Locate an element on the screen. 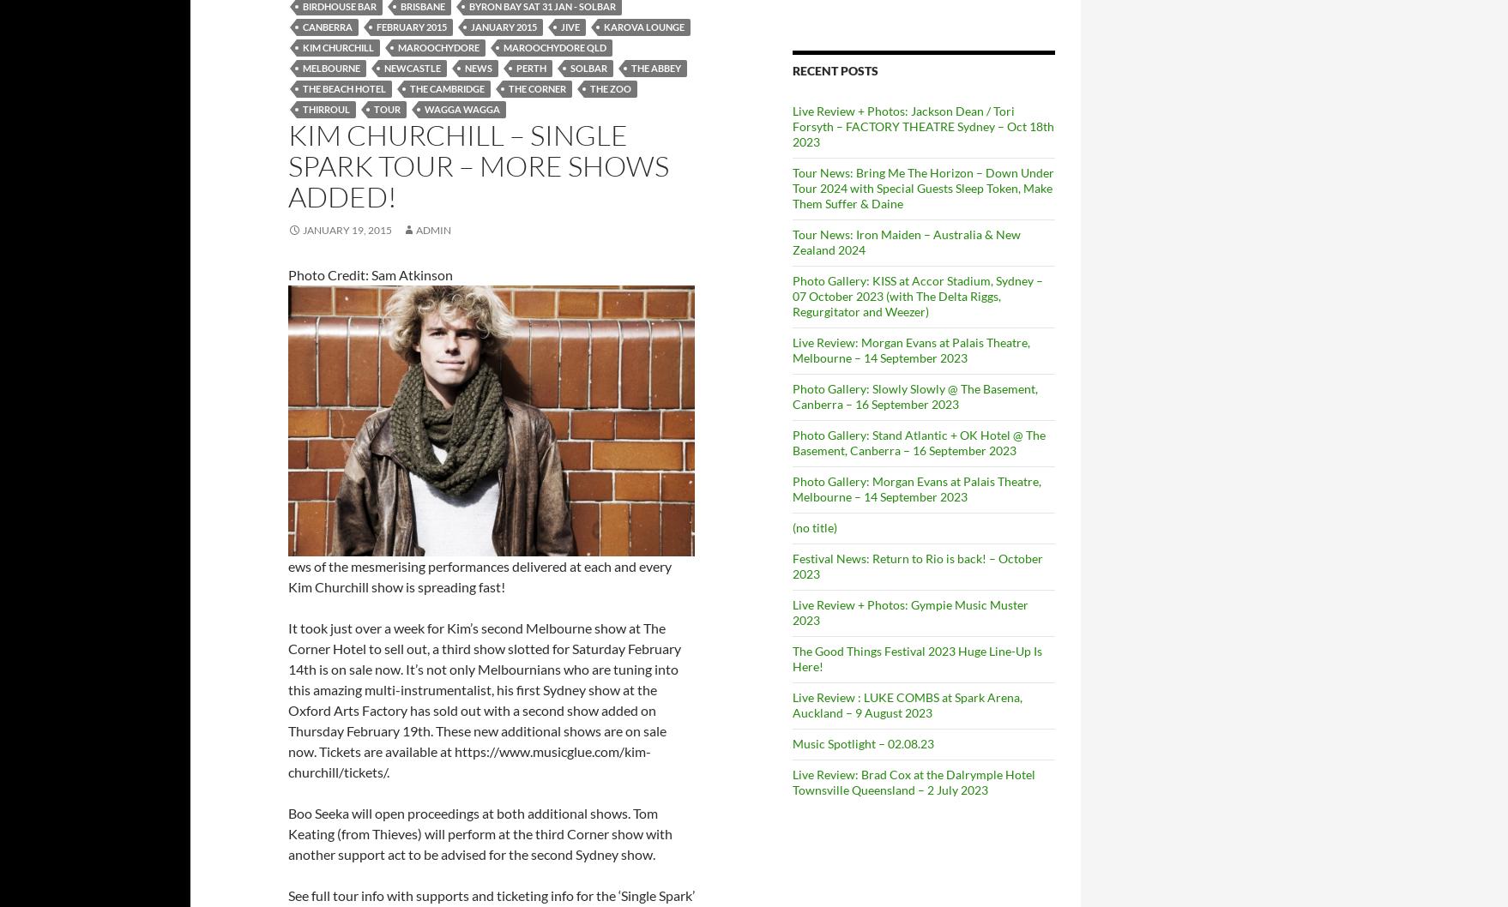  'The Beach Hotel' is located at coordinates (344, 87).